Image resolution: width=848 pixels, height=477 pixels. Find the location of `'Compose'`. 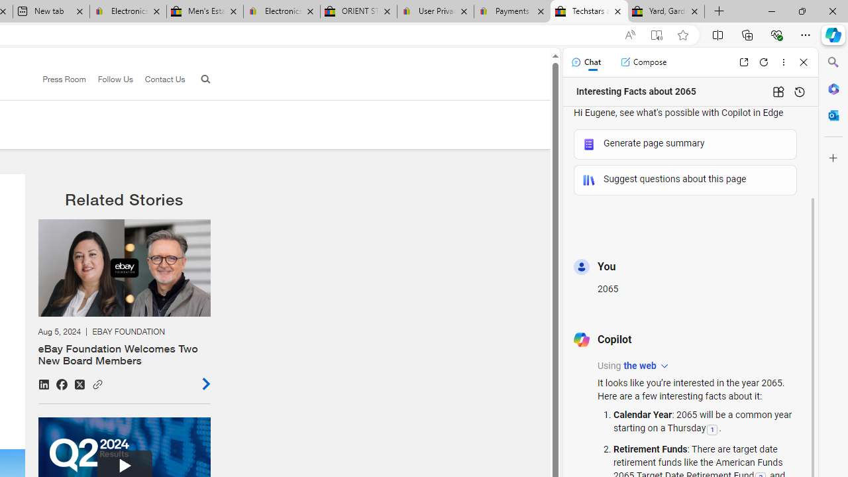

'Compose' is located at coordinates (643, 62).